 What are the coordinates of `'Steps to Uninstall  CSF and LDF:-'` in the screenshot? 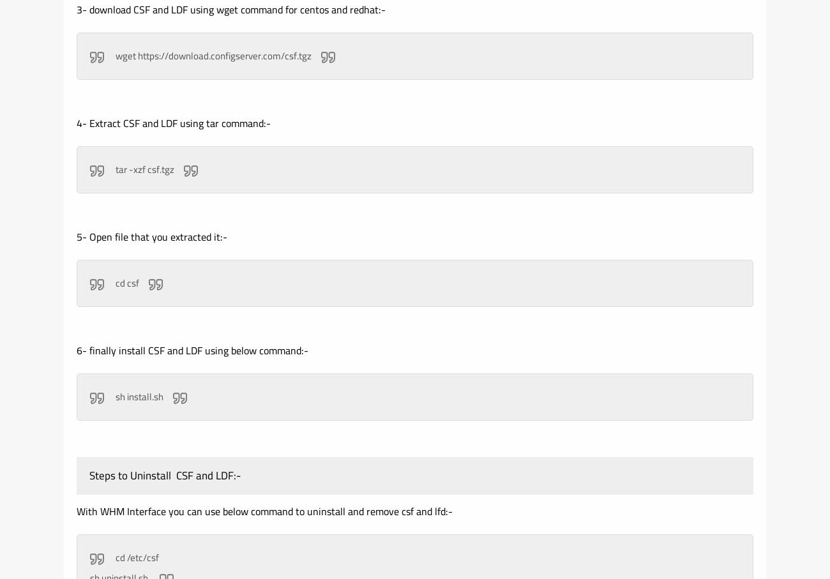 It's located at (164, 475).